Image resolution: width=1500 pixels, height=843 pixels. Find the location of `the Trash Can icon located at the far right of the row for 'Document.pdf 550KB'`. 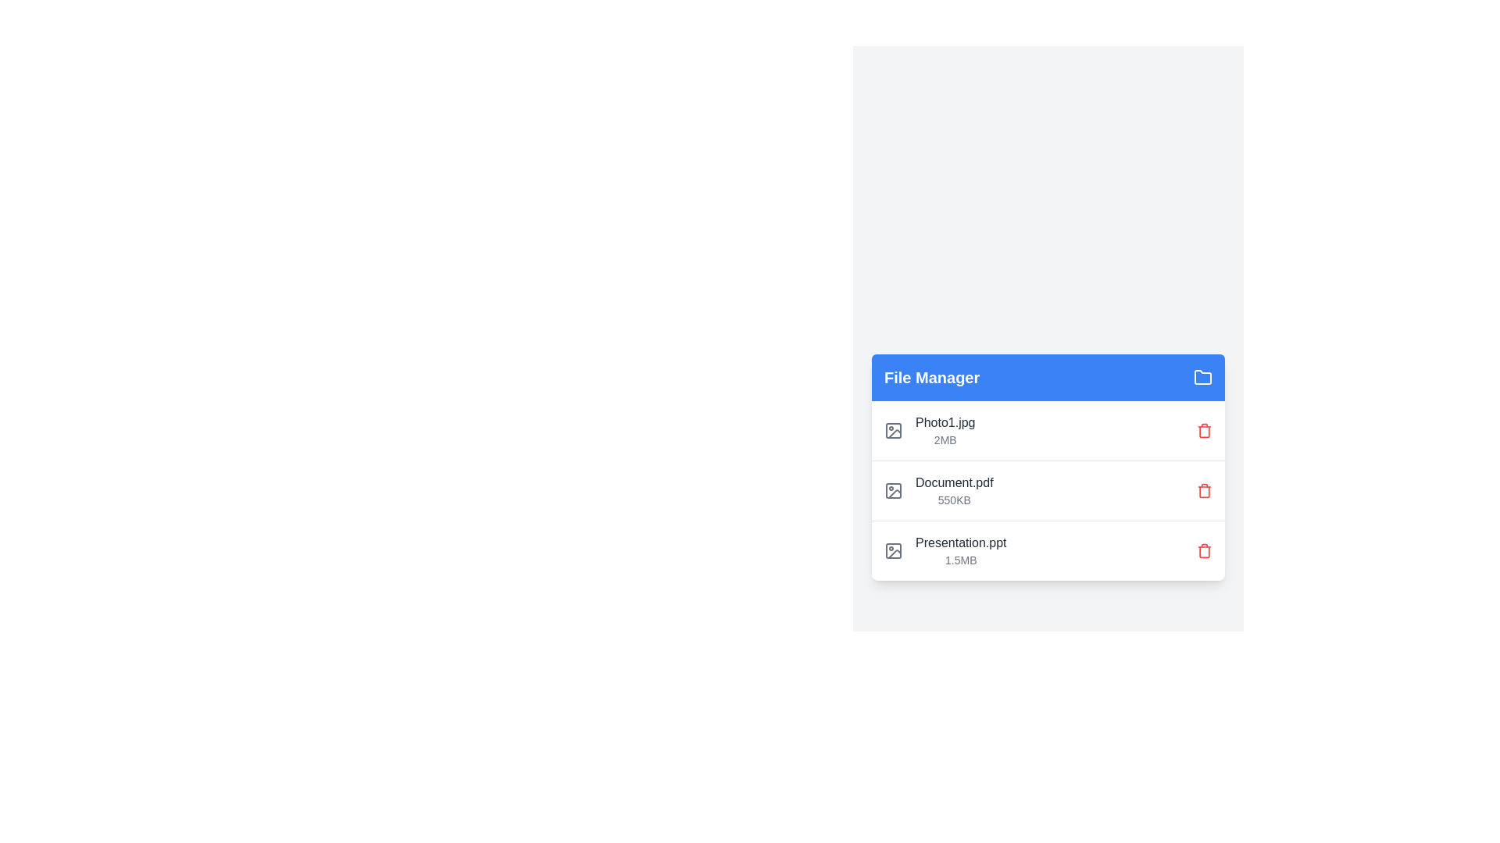

the Trash Can icon located at the far right of the row for 'Document.pdf 550KB' is located at coordinates (1203, 489).